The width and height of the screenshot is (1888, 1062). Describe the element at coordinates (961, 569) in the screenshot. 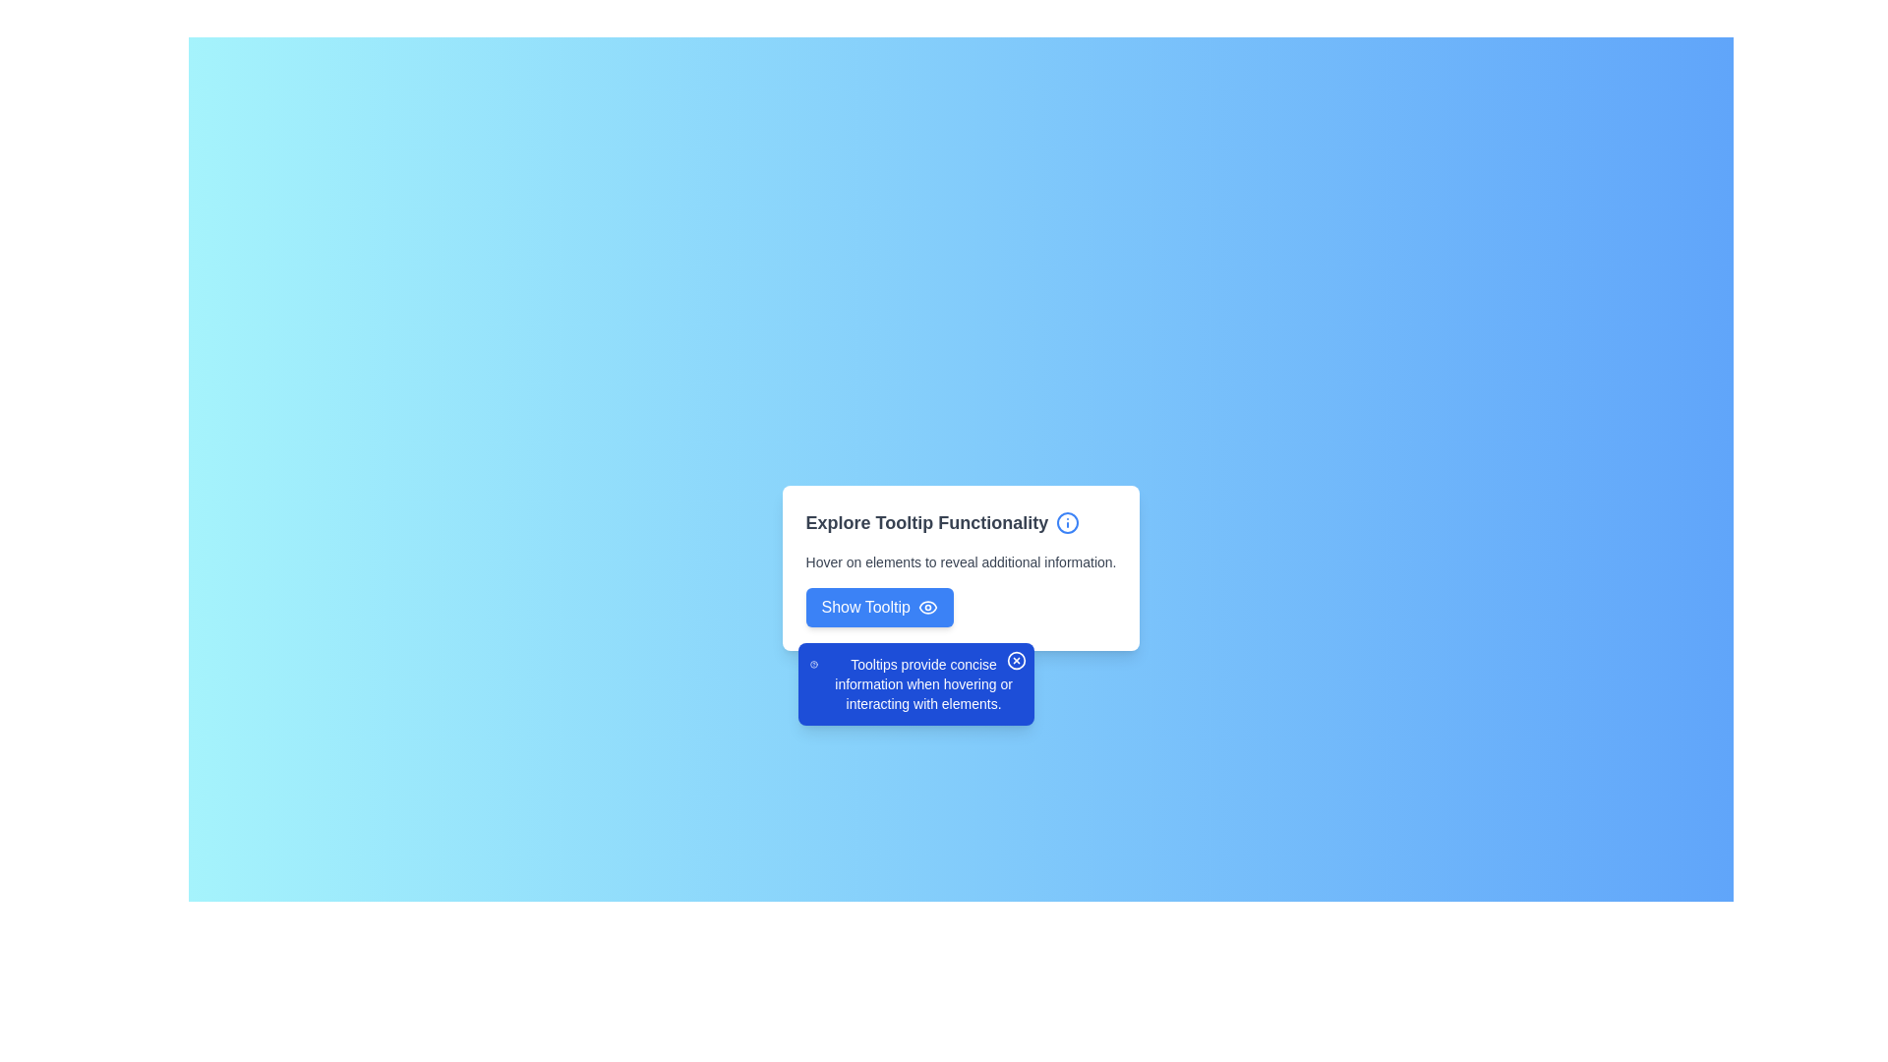

I see `the static informational text located beneath the title 'Explore Tooltip Functionality' and above the blue button 'Show Tooltip', which provides guidance on interacting with elements` at that location.